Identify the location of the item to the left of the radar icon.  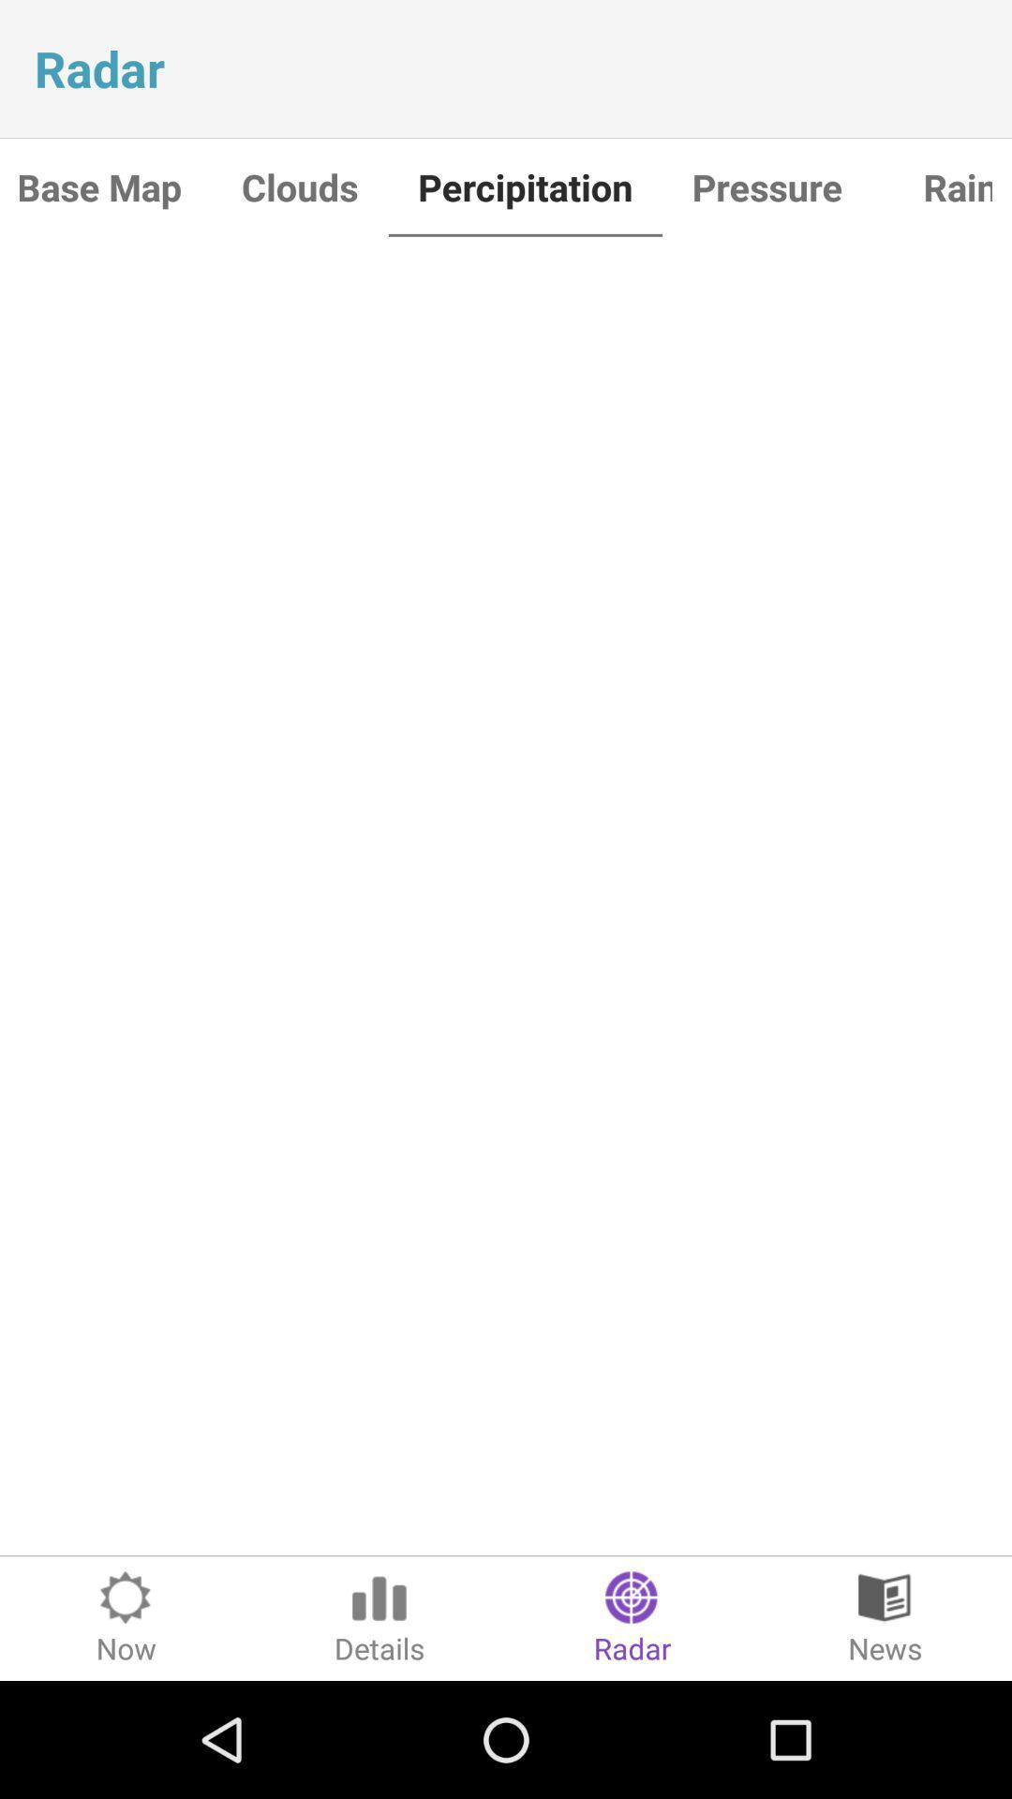
(379, 1617).